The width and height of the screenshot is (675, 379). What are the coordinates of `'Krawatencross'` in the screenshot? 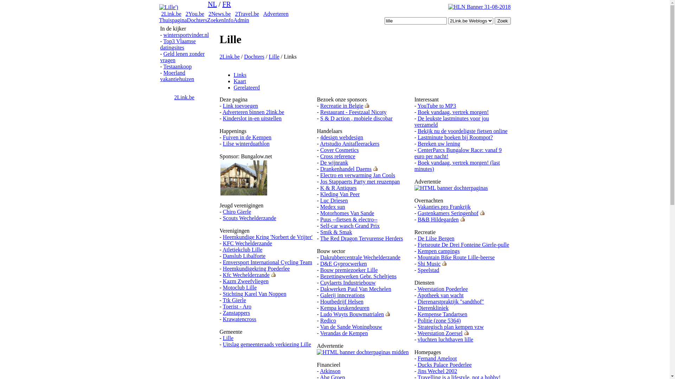 It's located at (239, 319).